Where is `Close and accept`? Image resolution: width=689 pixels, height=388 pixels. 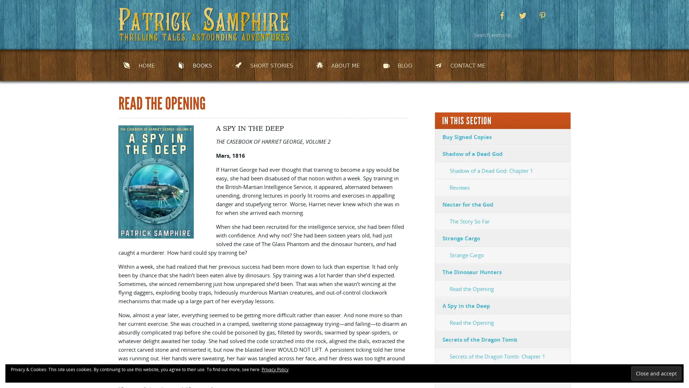 Close and accept is located at coordinates (656, 373).